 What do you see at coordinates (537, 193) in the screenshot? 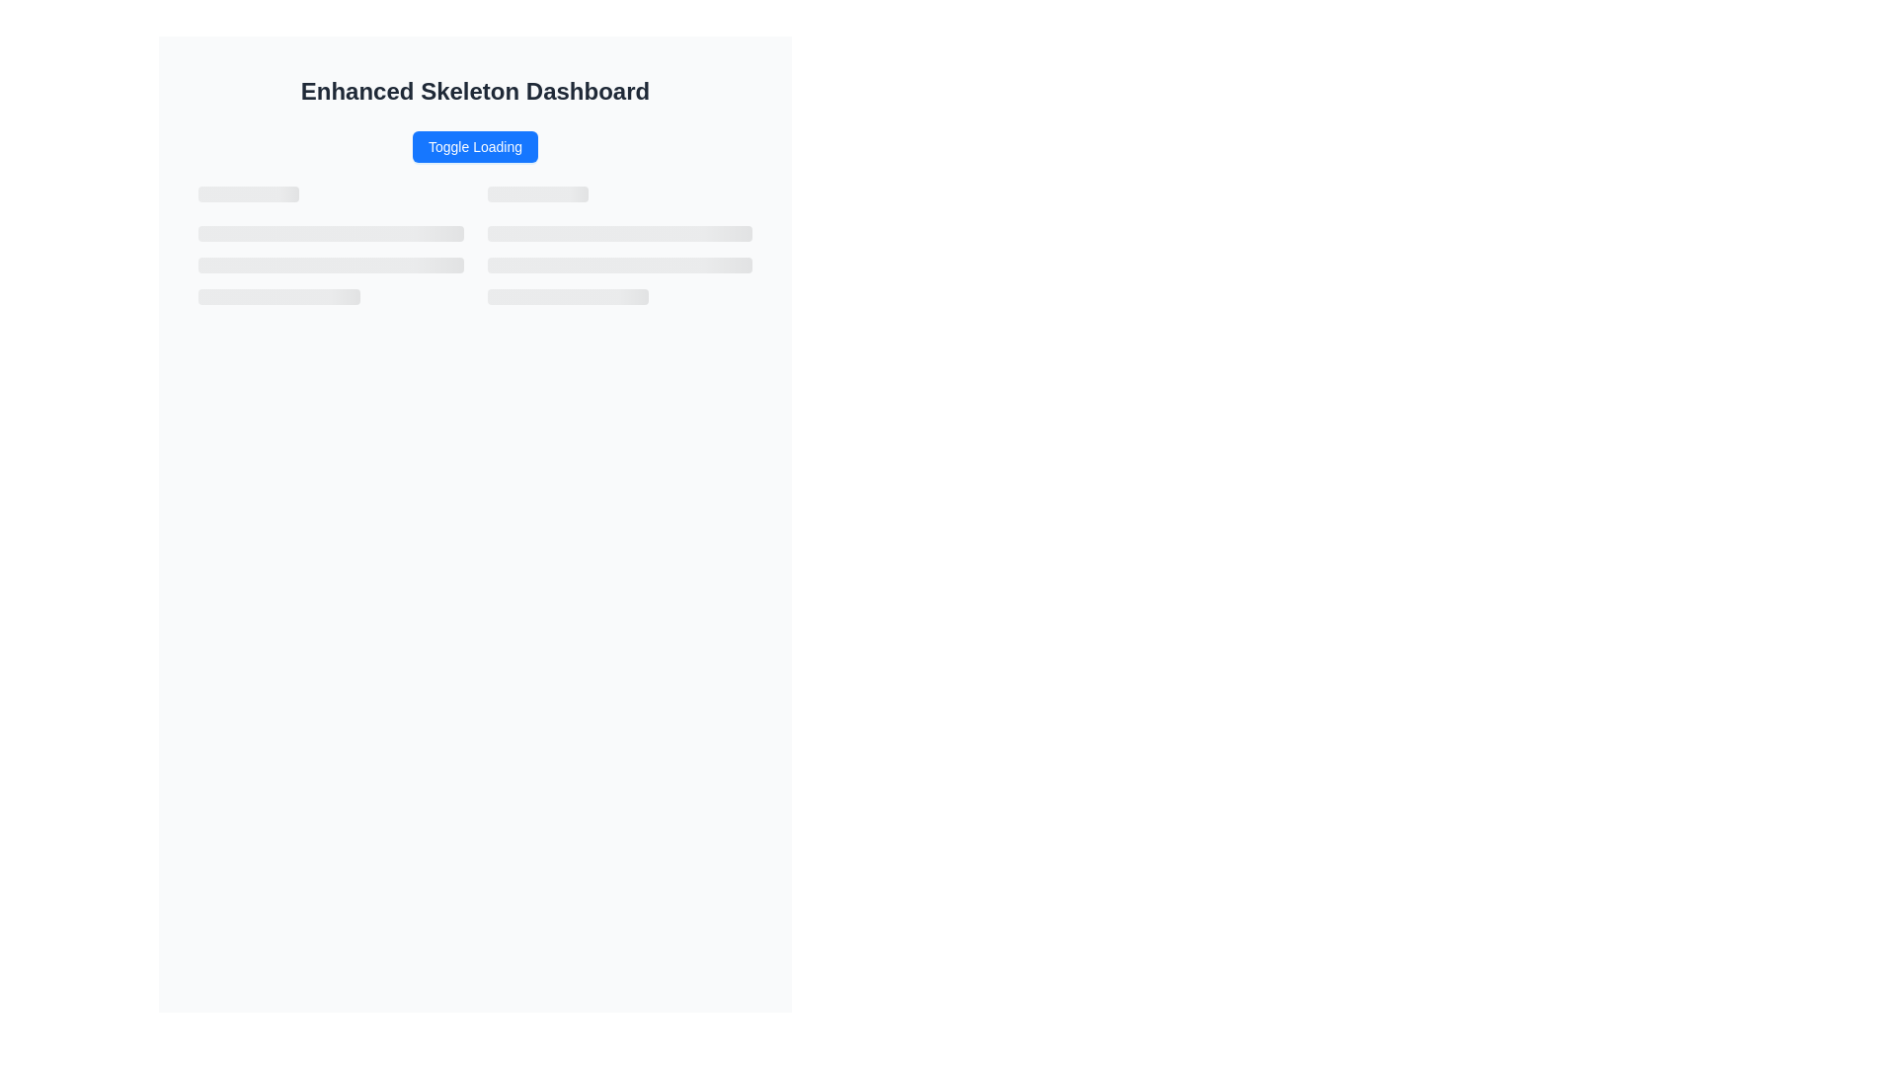
I see `the Skeleton placeholder (title style), which is a grayed-out horizontal loading bar located just below the 'Toggle Loading' button` at bounding box center [537, 193].